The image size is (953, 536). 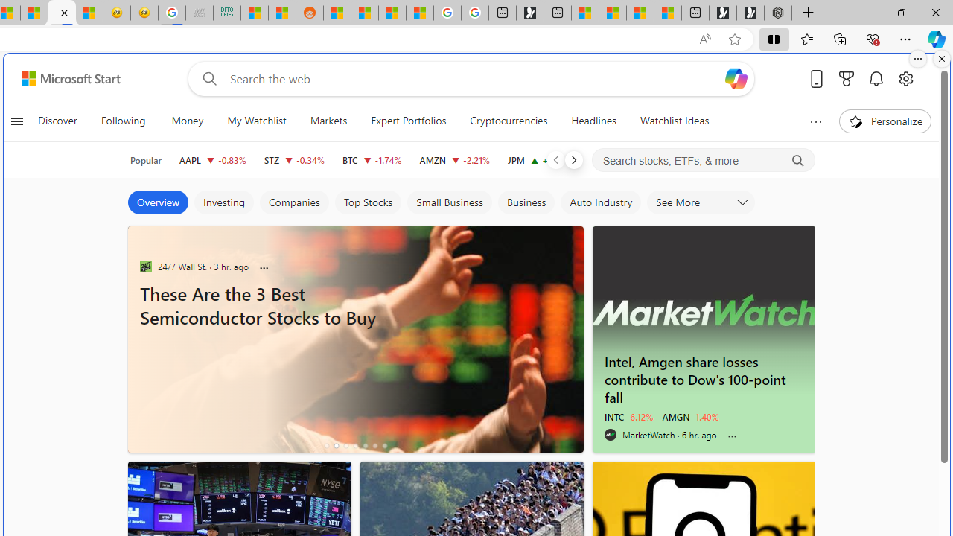 What do you see at coordinates (555, 159) in the screenshot?
I see `'Previous'` at bounding box center [555, 159].